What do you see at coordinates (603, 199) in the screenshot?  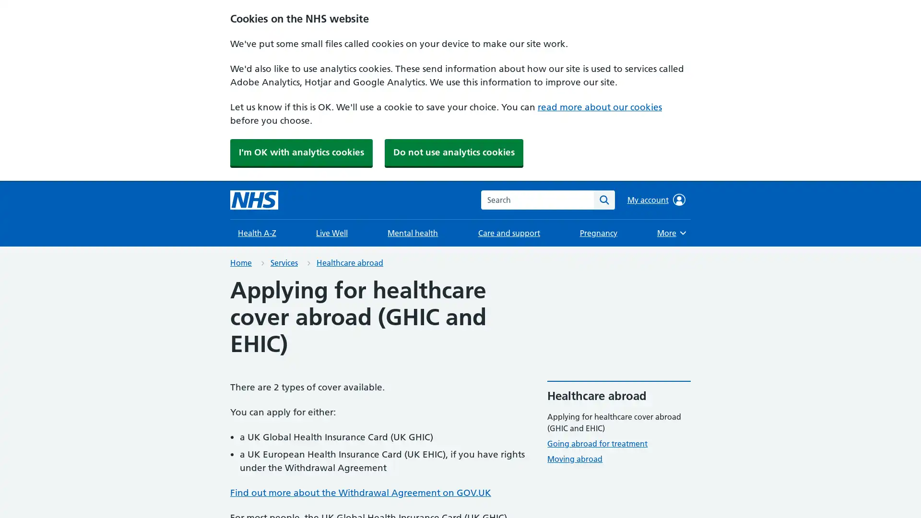 I see `Search` at bounding box center [603, 199].